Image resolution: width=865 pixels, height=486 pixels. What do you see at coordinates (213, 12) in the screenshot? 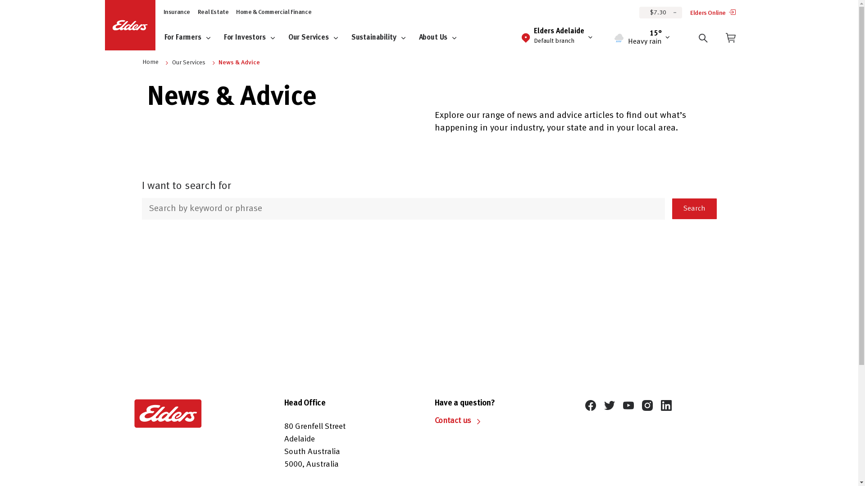
I see `'Real Estate'` at bounding box center [213, 12].